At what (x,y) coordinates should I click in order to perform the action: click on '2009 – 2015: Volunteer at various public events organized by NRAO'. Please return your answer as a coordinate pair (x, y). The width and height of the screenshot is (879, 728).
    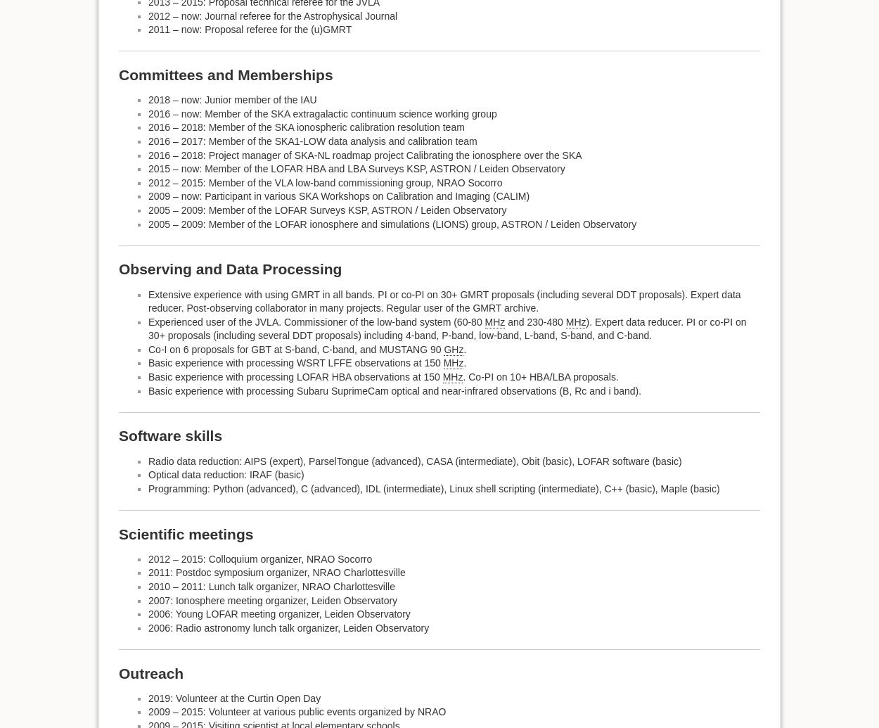
    Looking at the image, I should click on (297, 711).